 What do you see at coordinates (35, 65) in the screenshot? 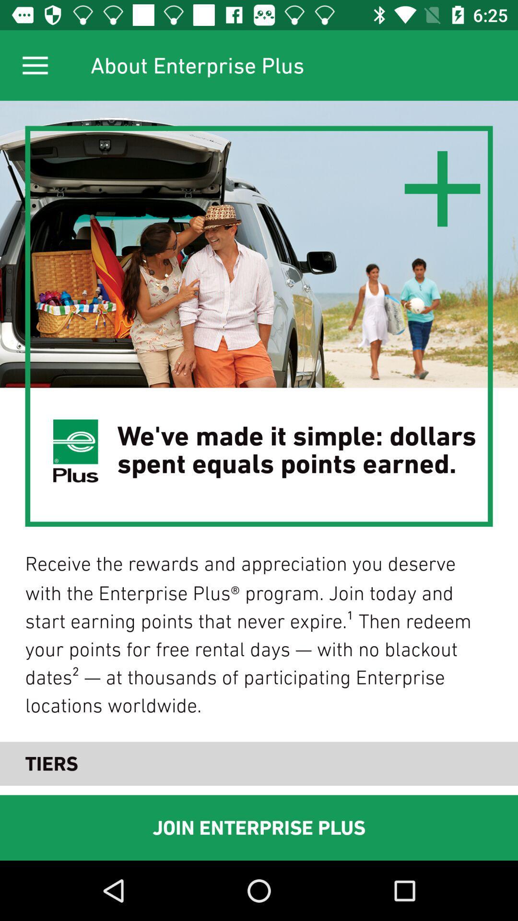
I see `the item next to about enterprise plus` at bounding box center [35, 65].